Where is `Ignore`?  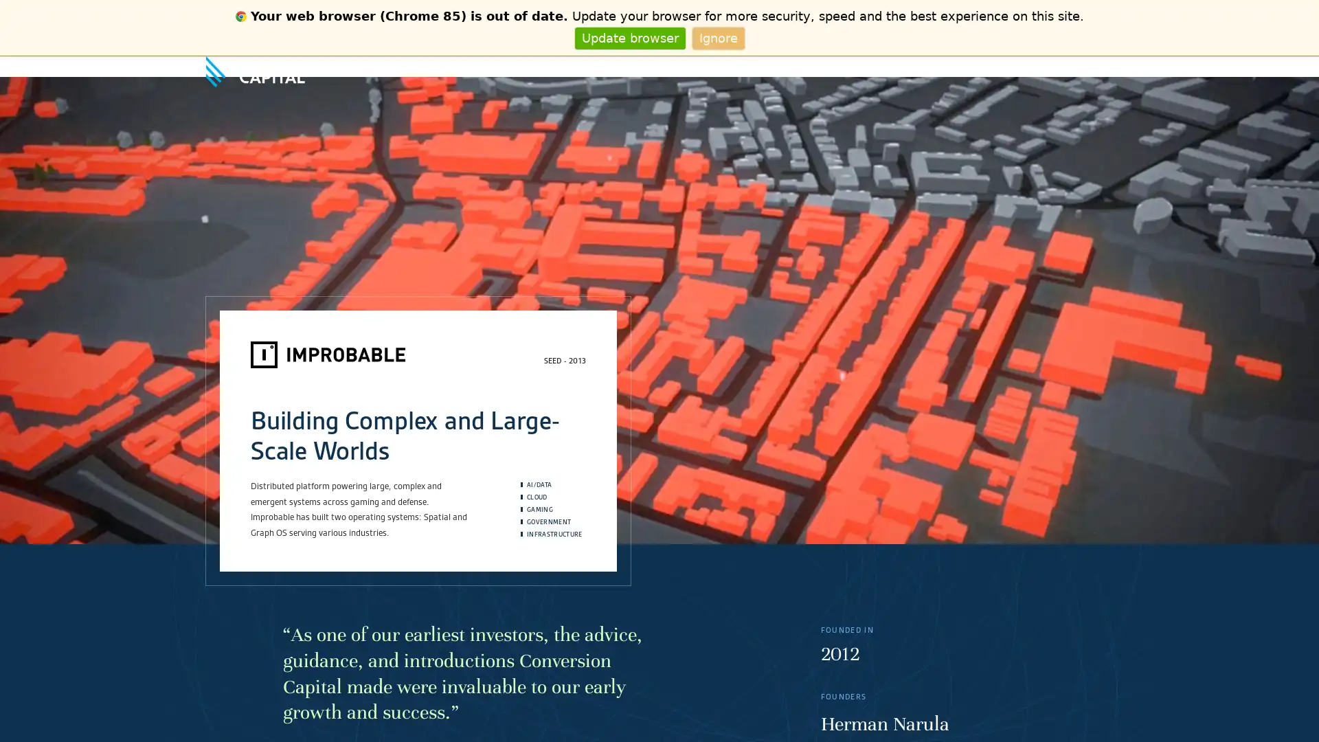 Ignore is located at coordinates (717, 37).